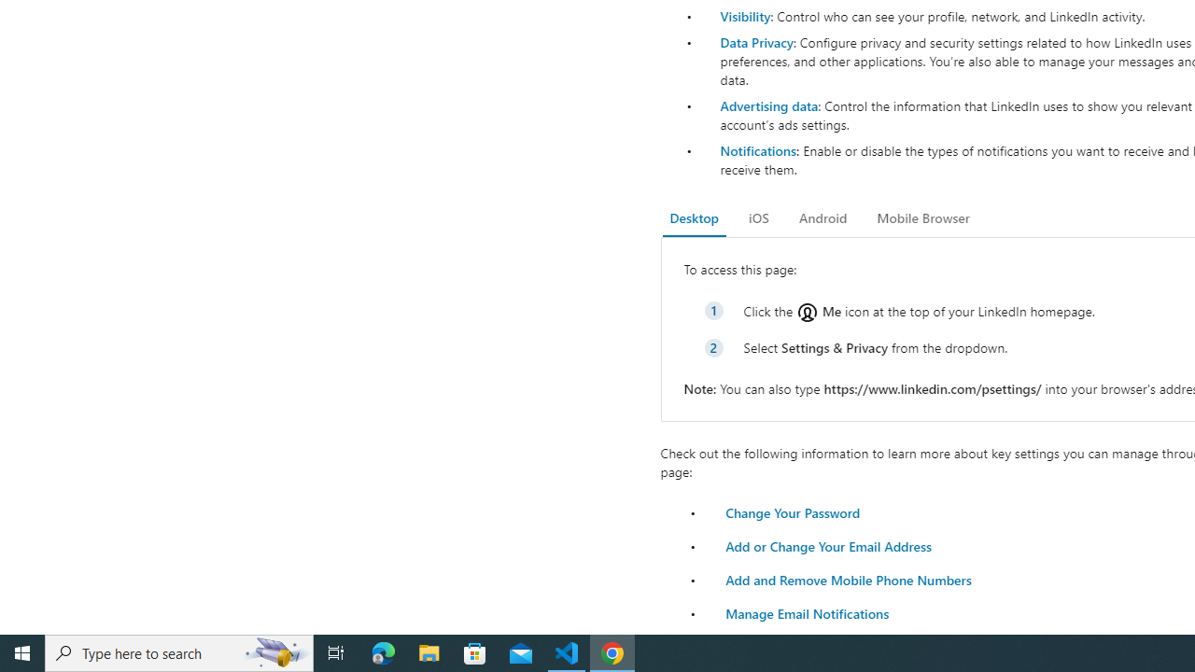  Describe the element at coordinates (744, 16) in the screenshot. I see `'Visibility'` at that location.